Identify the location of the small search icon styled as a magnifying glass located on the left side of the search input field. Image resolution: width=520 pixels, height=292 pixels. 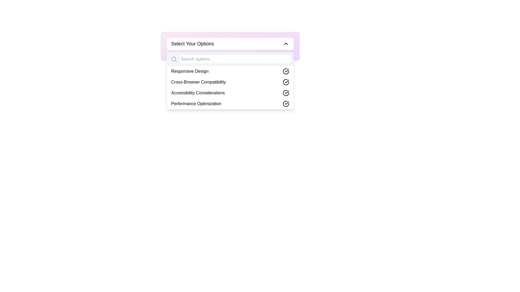
(174, 59).